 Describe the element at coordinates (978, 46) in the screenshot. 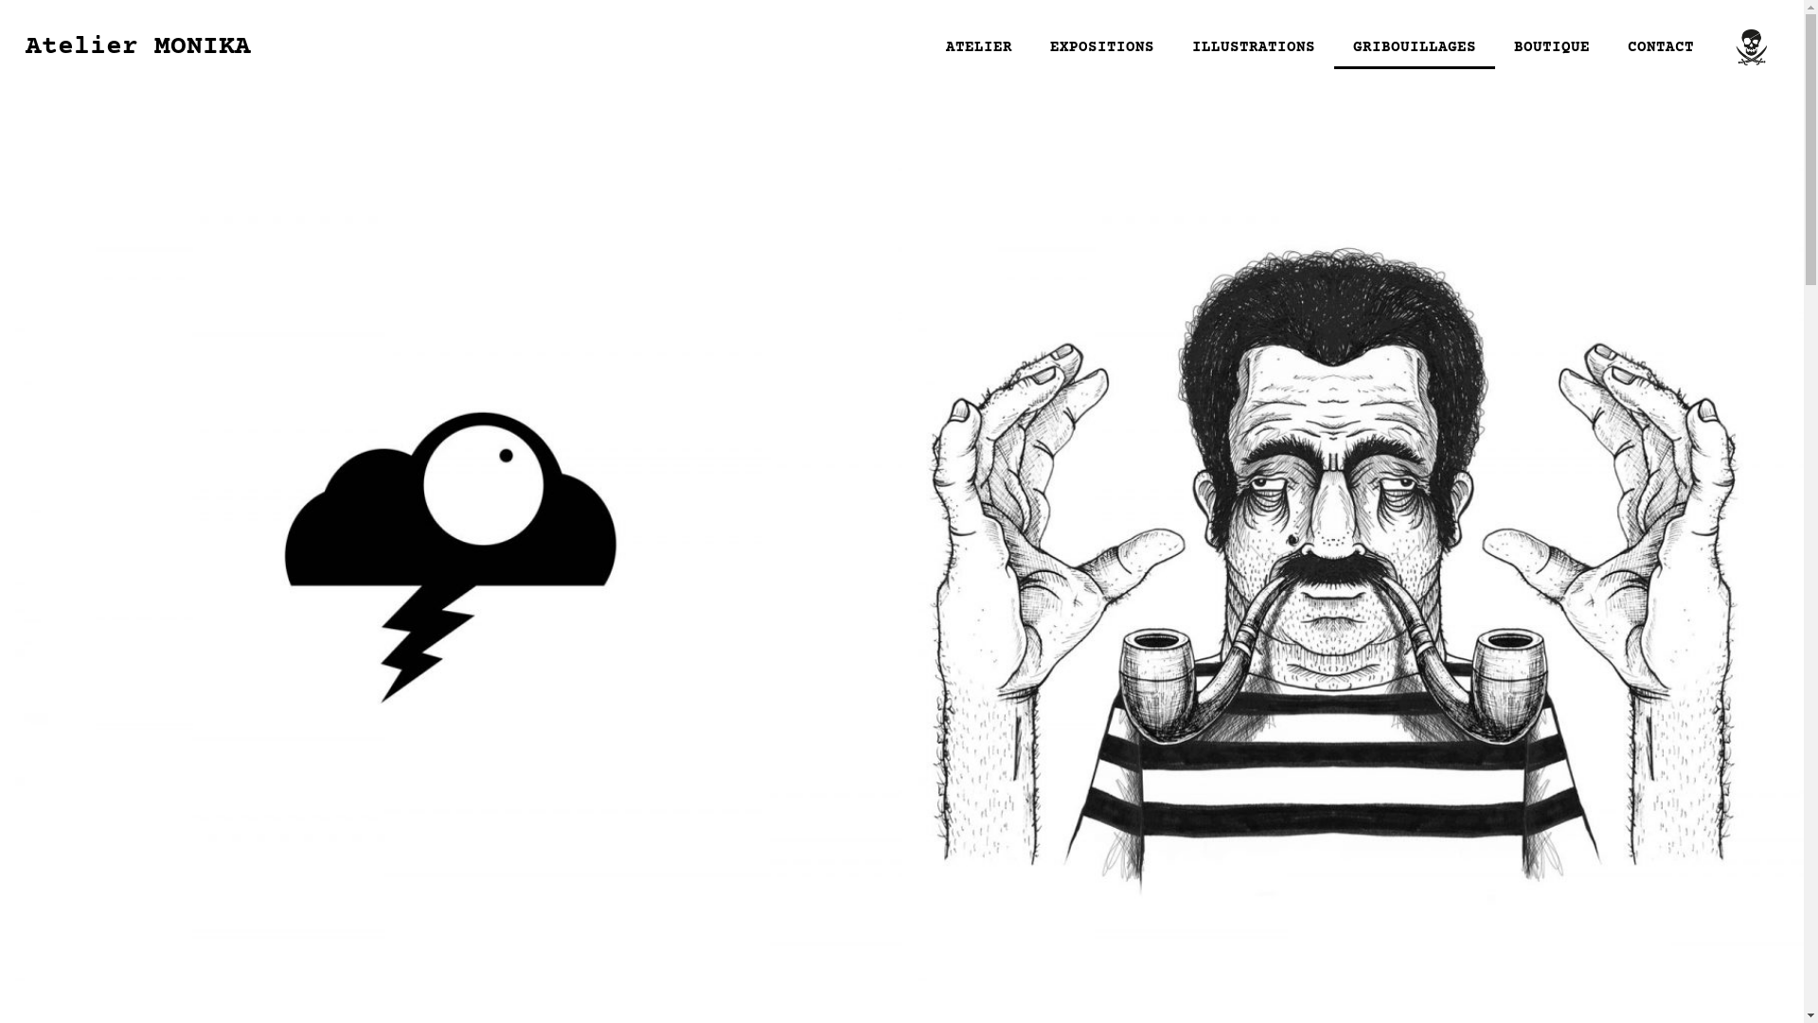

I see `'ATELIER'` at that location.